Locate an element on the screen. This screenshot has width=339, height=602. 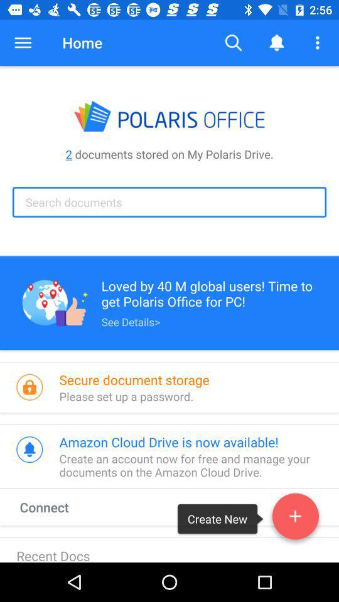
the add icon is located at coordinates (295, 519).